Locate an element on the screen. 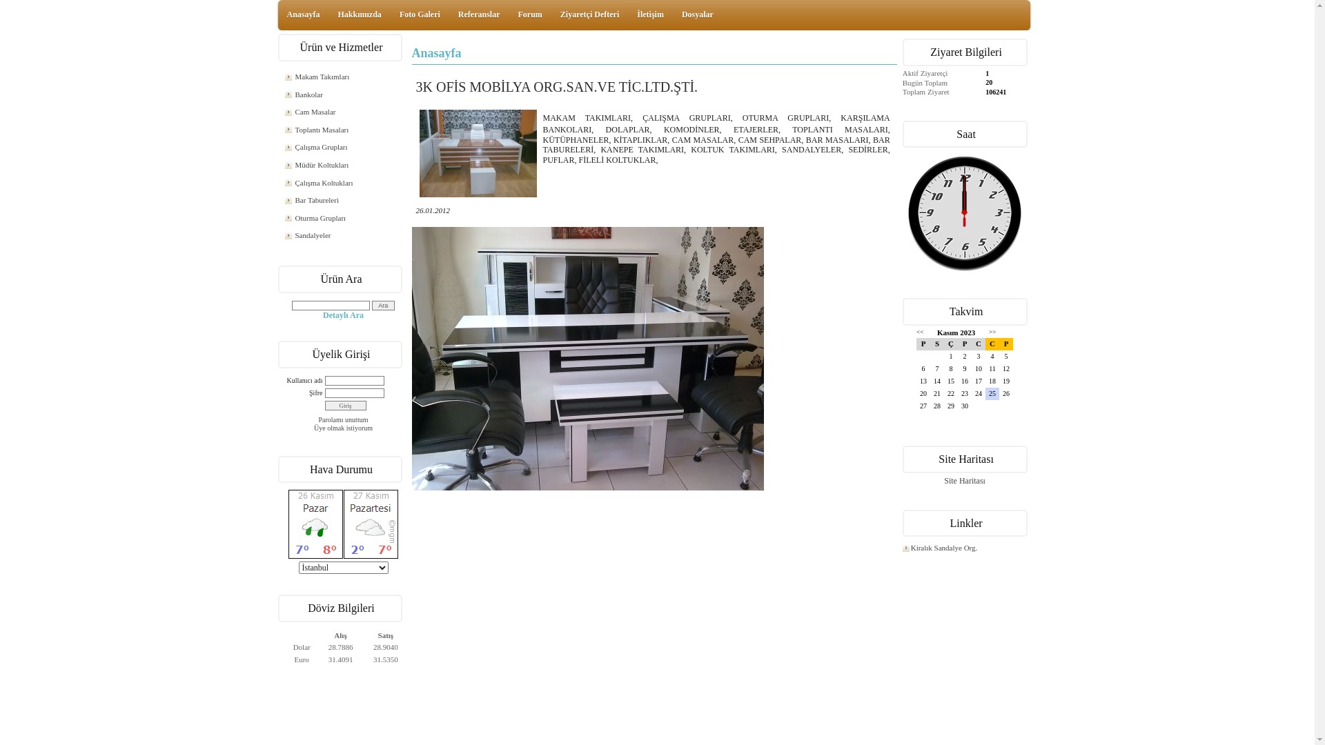 The image size is (1325, 745). '5' is located at coordinates (1006, 355).